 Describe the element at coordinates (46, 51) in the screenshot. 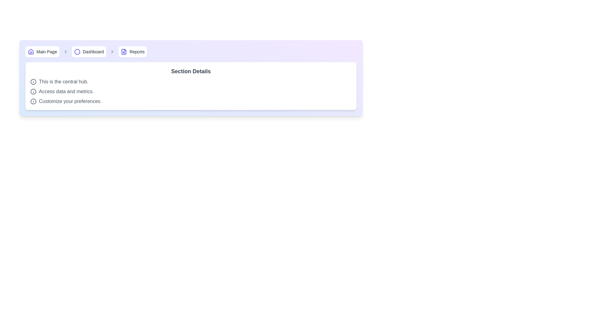

I see `the 'Main Page' breadcrumb label in the navigation bar, which indicates the current location within the application` at that location.